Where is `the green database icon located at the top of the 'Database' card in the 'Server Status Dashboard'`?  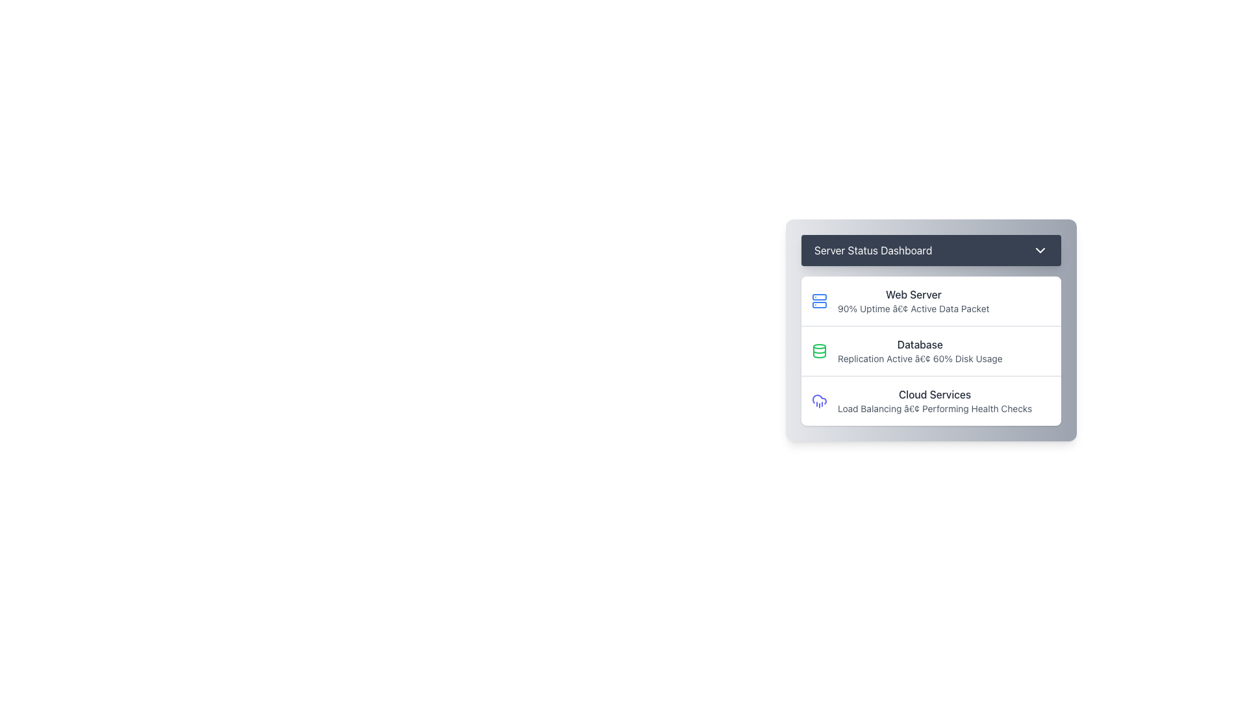
the green database icon located at the top of the 'Database' card in the 'Server Status Dashboard' is located at coordinates (819, 350).